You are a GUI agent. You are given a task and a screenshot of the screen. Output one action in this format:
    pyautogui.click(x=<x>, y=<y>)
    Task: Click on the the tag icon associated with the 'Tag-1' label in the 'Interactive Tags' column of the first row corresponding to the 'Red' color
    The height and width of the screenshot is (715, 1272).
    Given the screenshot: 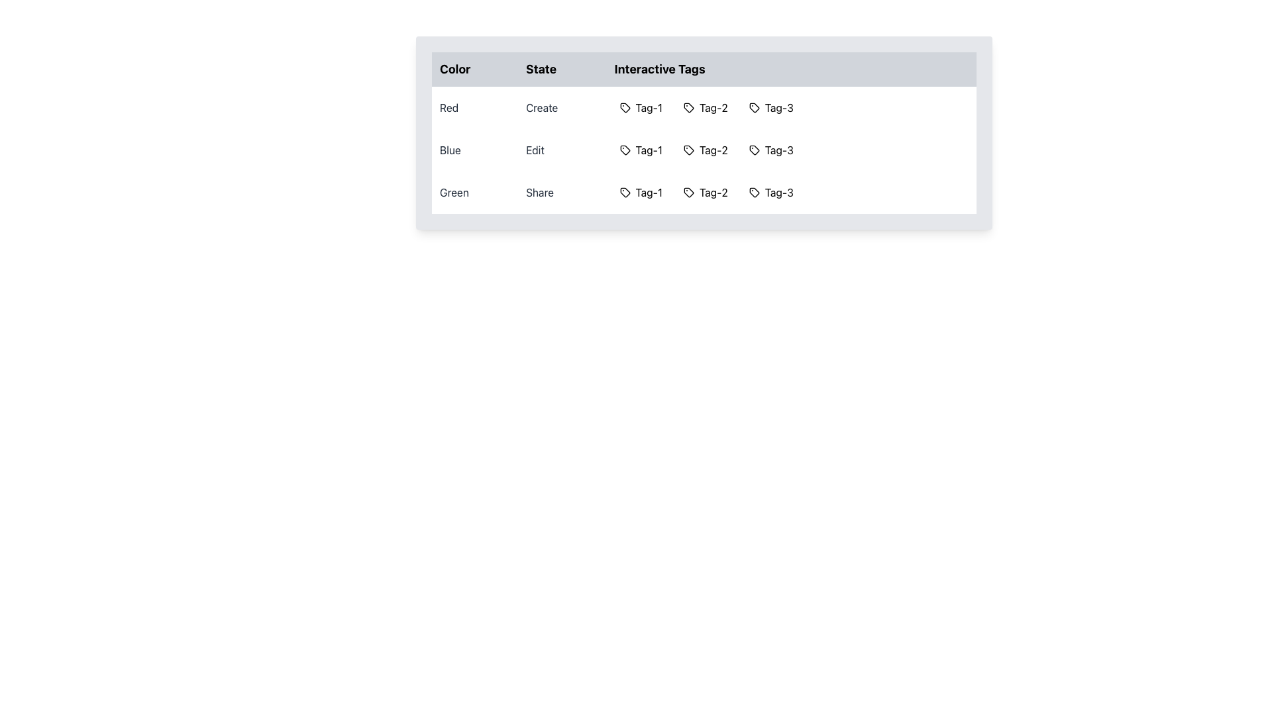 What is the action you would take?
    pyautogui.click(x=624, y=107)
    